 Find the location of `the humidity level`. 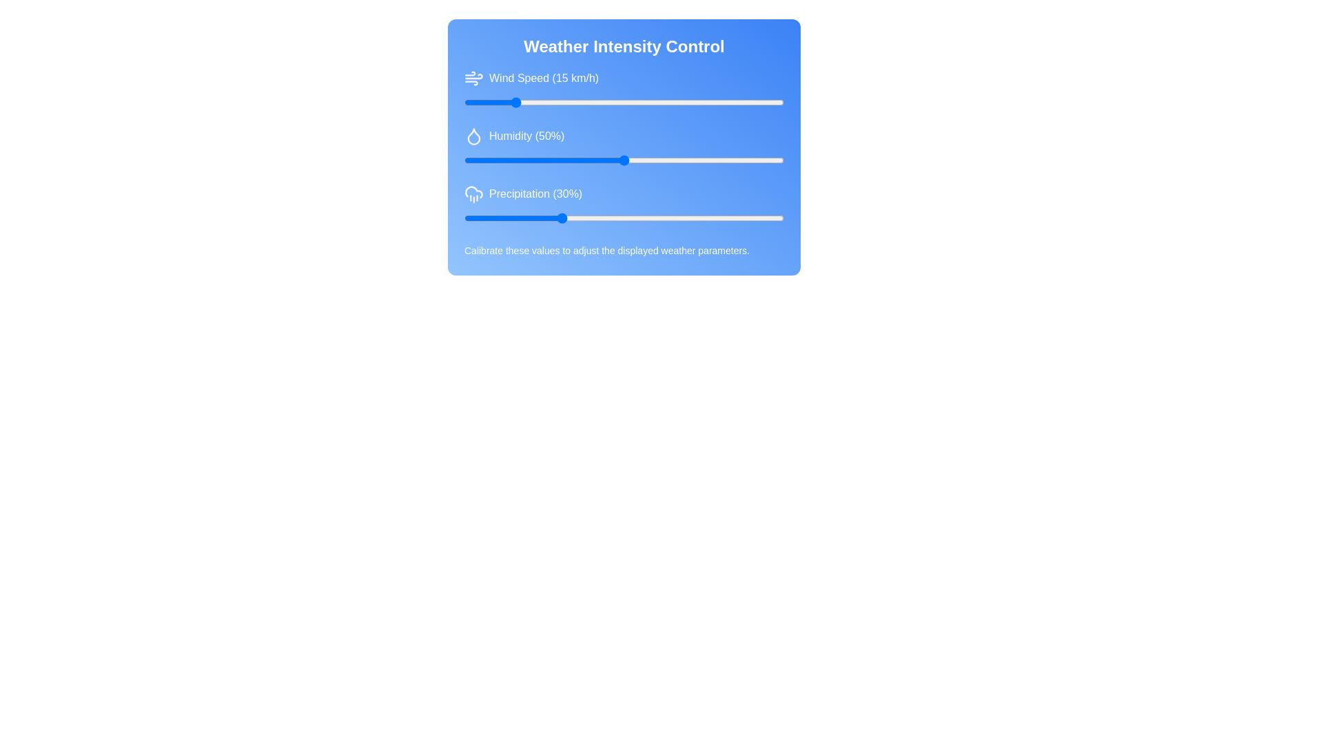

the humidity level is located at coordinates (557, 159).